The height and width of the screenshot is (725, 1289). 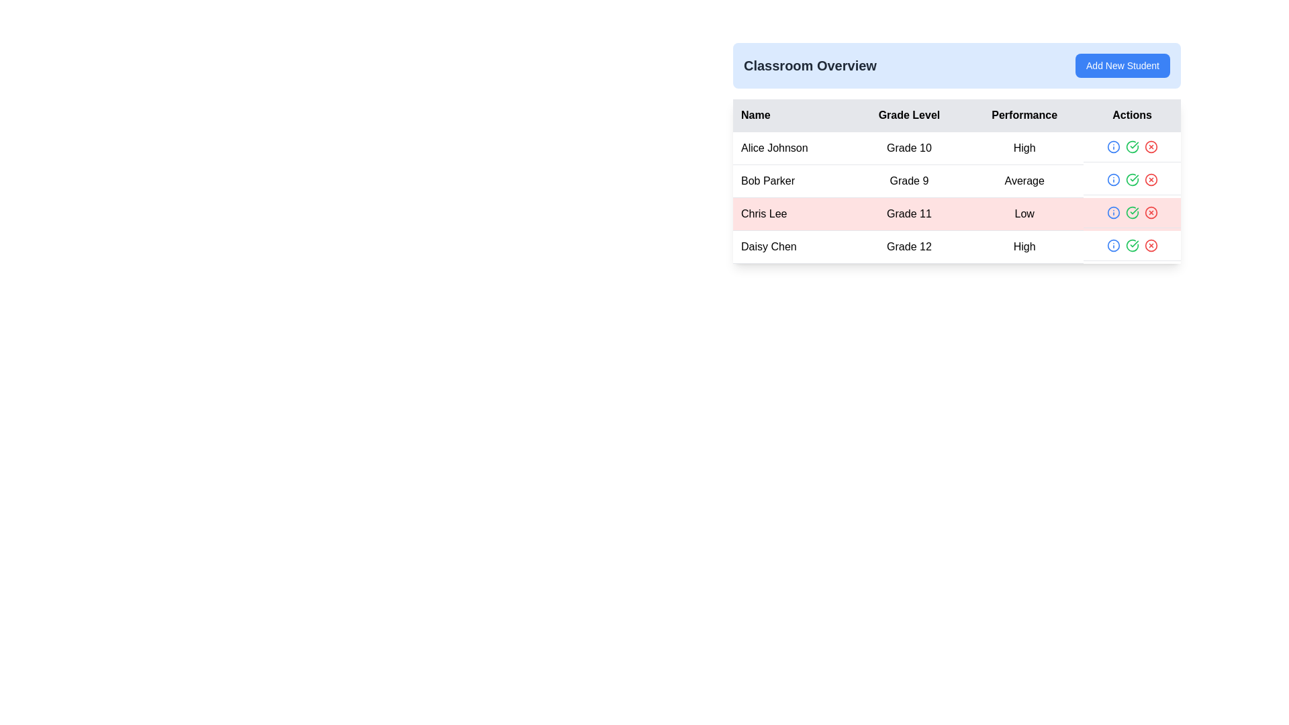 I want to click on the circular button icon with a green checkmark in the 'Actions' column for Chris Lee, so click(x=1131, y=147).